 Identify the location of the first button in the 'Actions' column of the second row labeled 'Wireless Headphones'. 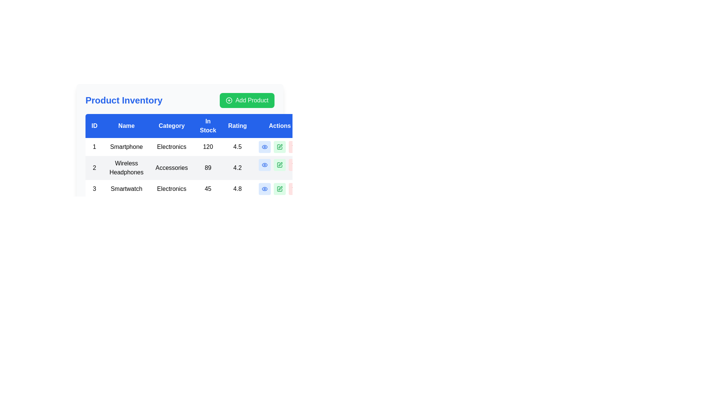
(265, 164).